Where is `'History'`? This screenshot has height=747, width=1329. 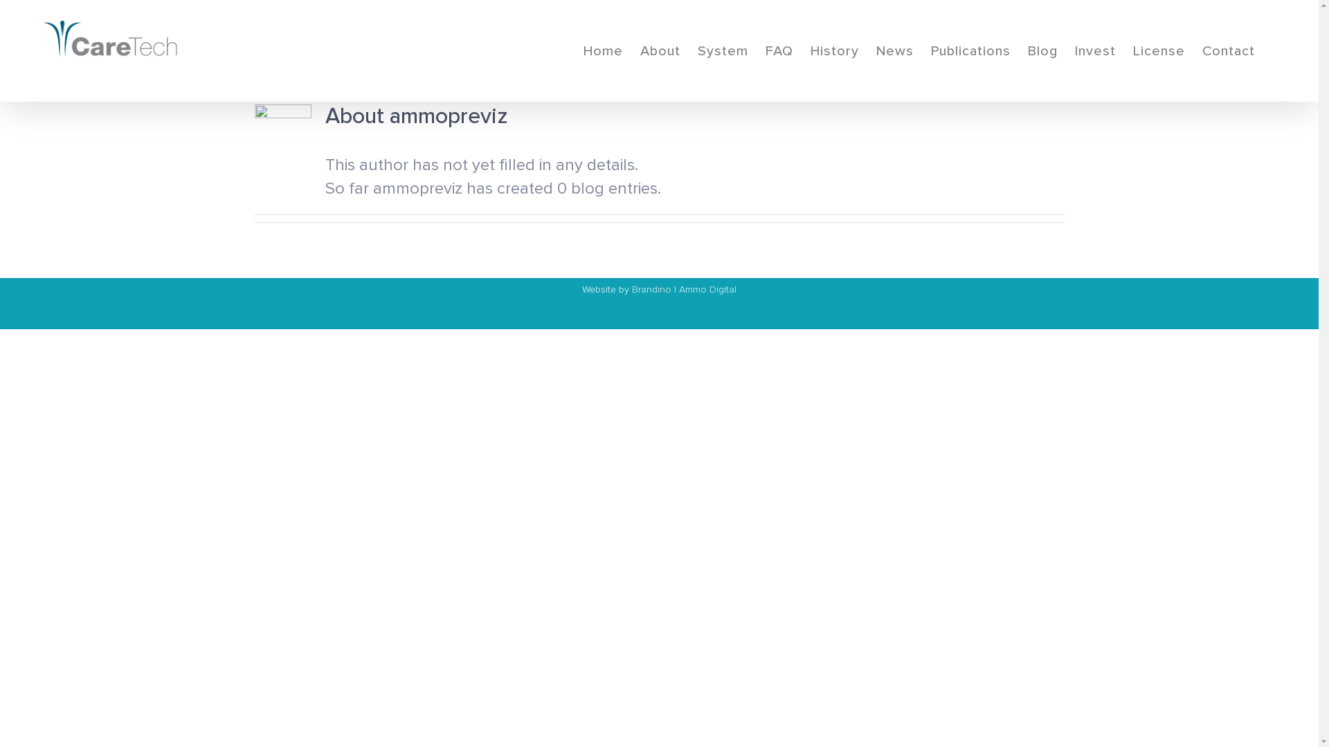 'History' is located at coordinates (833, 50).